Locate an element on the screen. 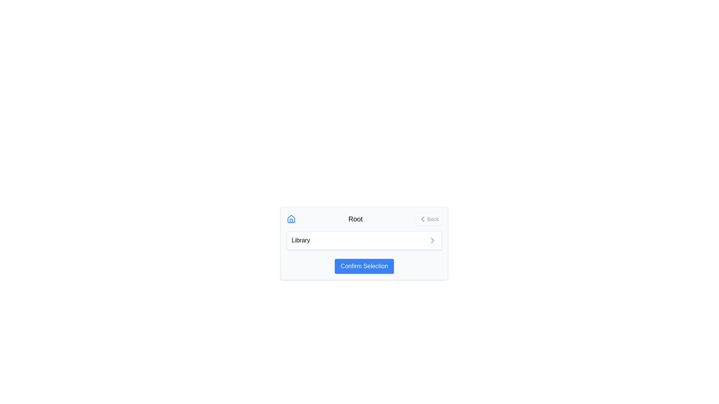 The width and height of the screenshot is (719, 404). the small left-facing chevron icon next to the 'Back' text in the upper-right section of the card interface is located at coordinates (422, 219).